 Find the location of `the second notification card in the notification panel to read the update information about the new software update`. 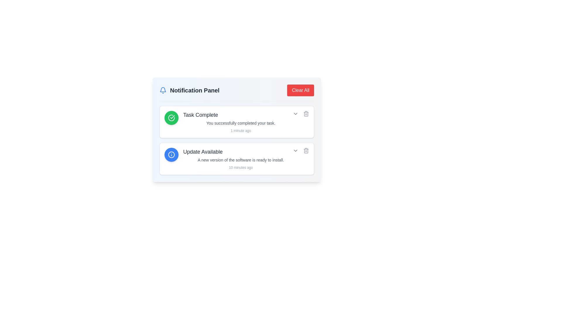

the second notification card in the notification panel to read the update information about the new software update is located at coordinates (241, 159).